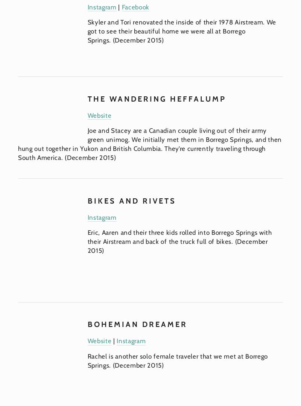  Describe the element at coordinates (180, 241) in the screenshot. I see `'Eric, Aaren and their three kids rolled into Borrego Springs with their Airstream and back of the truck full of bikes. (December 2015)'` at that location.